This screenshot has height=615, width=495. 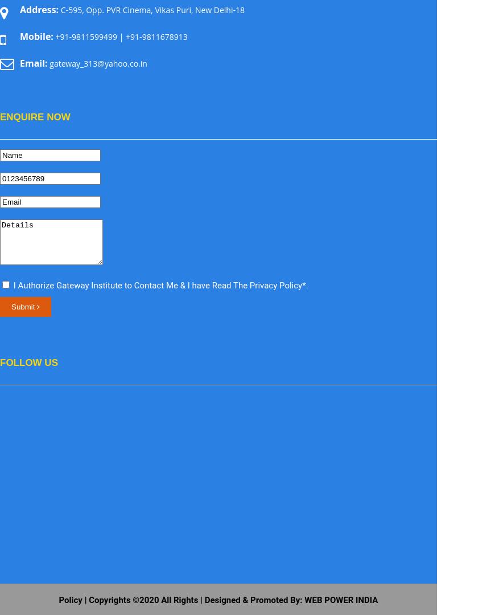 I want to click on '+91-9811599499', so click(x=85, y=36).